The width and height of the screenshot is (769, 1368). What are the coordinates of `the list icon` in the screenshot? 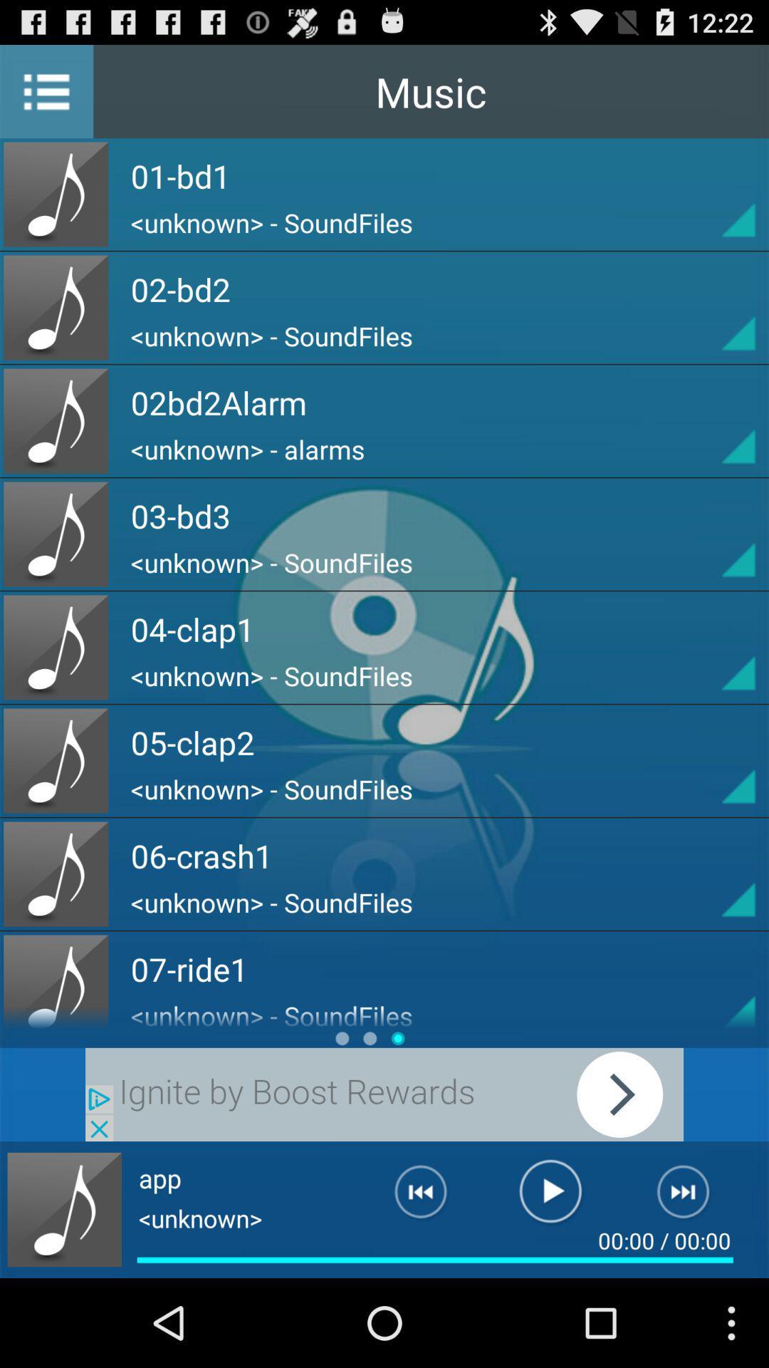 It's located at (46, 97).